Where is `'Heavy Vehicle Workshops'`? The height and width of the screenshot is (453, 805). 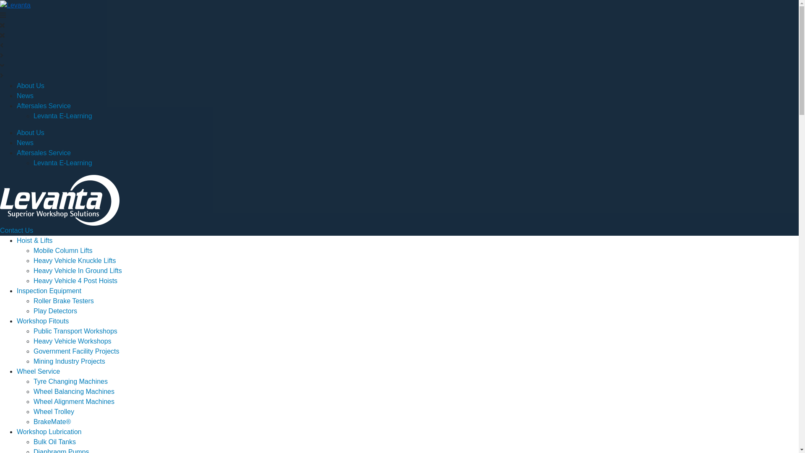 'Heavy Vehicle Workshops' is located at coordinates (72, 341).